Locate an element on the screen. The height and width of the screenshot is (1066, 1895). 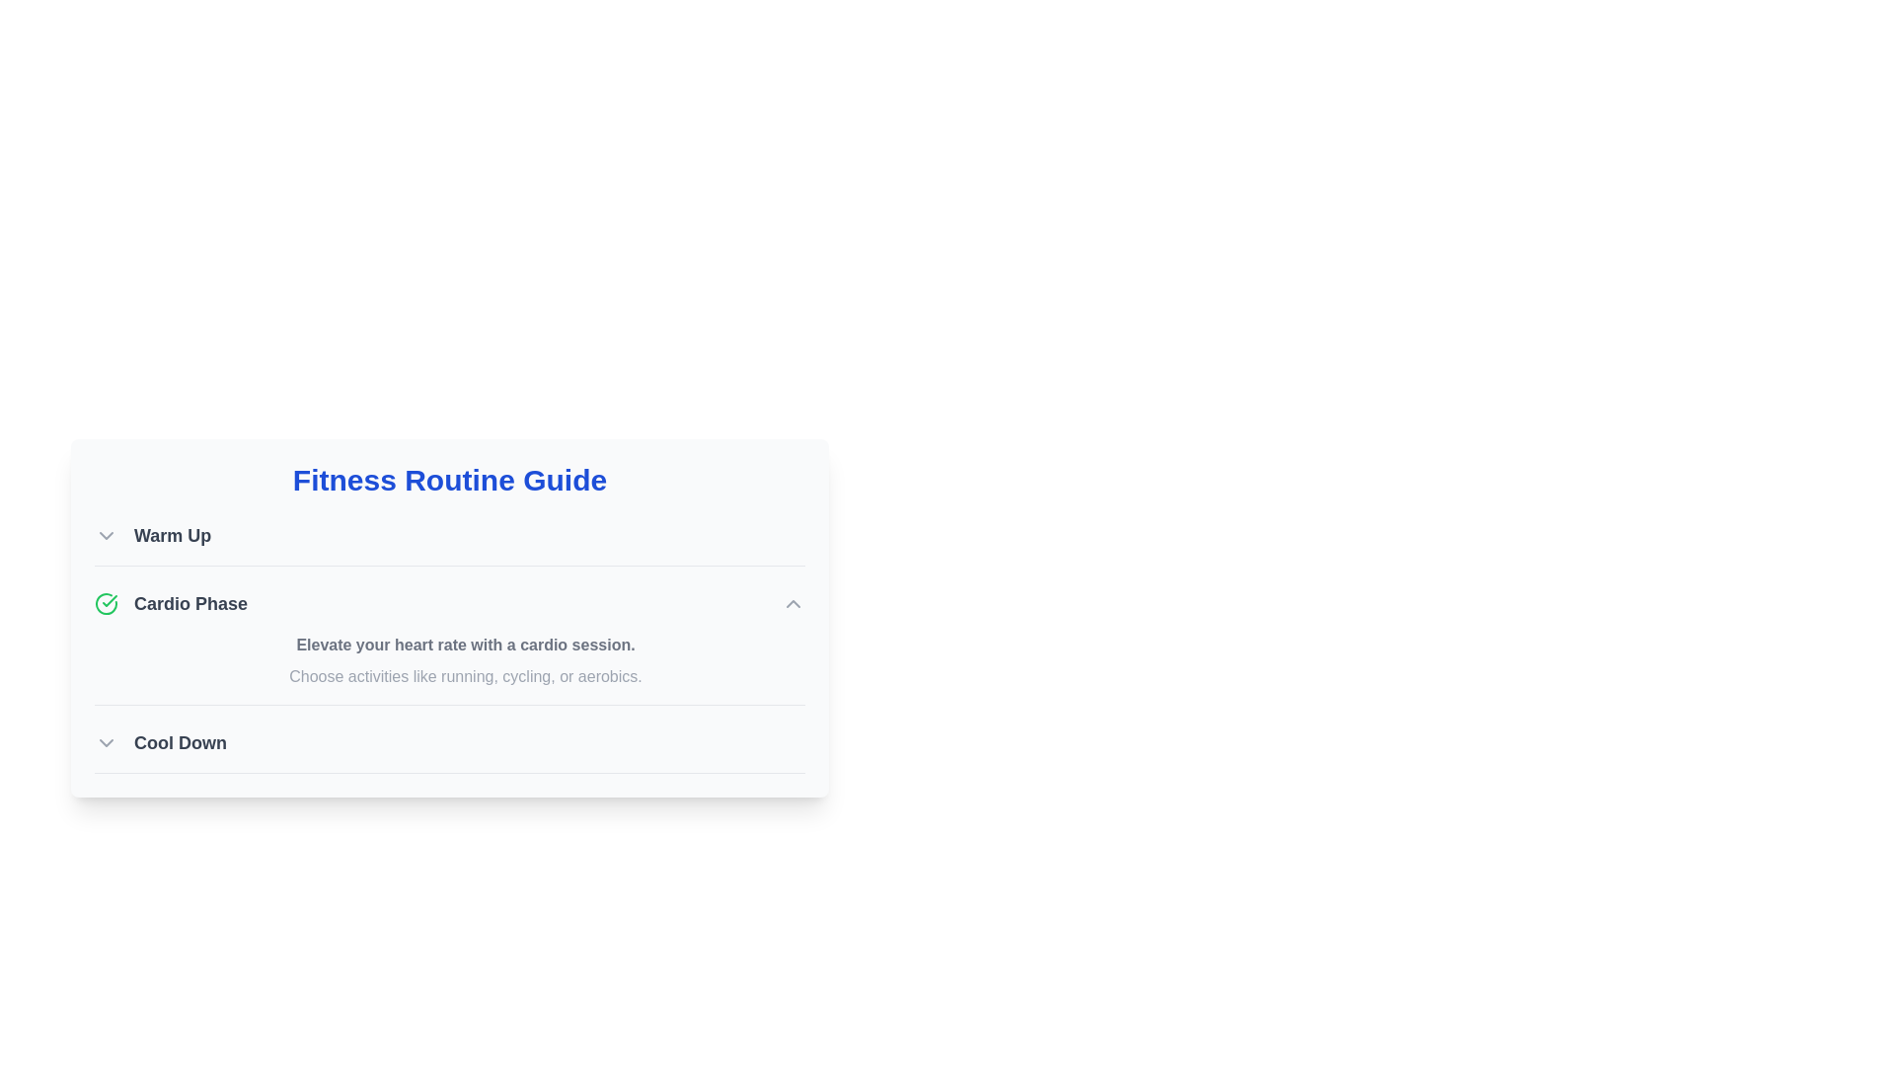
text label 'Warm Up' which is bold, large-sized, dark gray against a light background, located in the top-left portion of the interface before the 'Cardio Phase' section is located at coordinates (173, 536).